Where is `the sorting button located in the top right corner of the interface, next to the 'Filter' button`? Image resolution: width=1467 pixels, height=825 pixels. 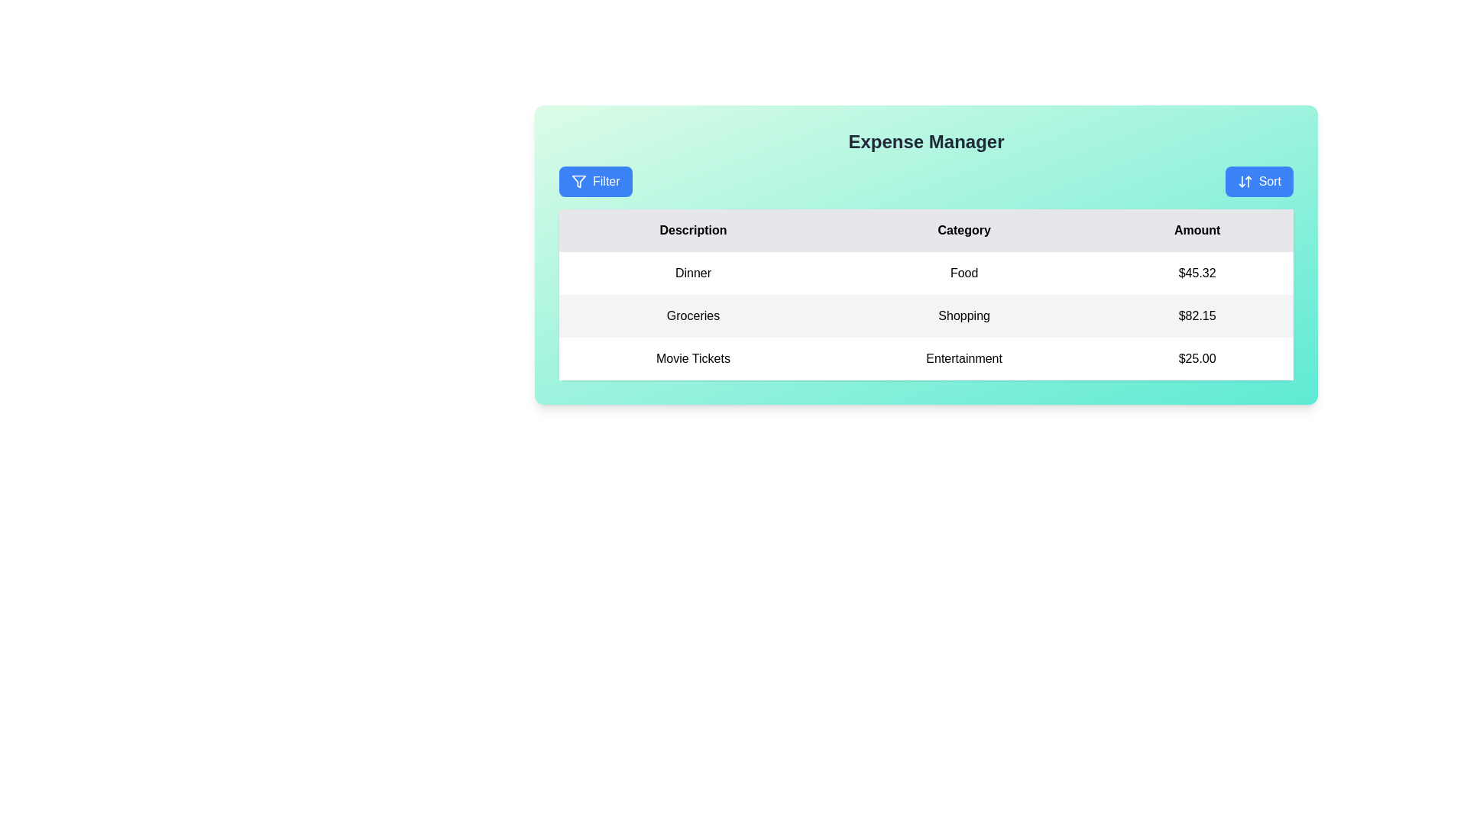
the sorting button located in the top right corner of the interface, next to the 'Filter' button is located at coordinates (1259, 181).